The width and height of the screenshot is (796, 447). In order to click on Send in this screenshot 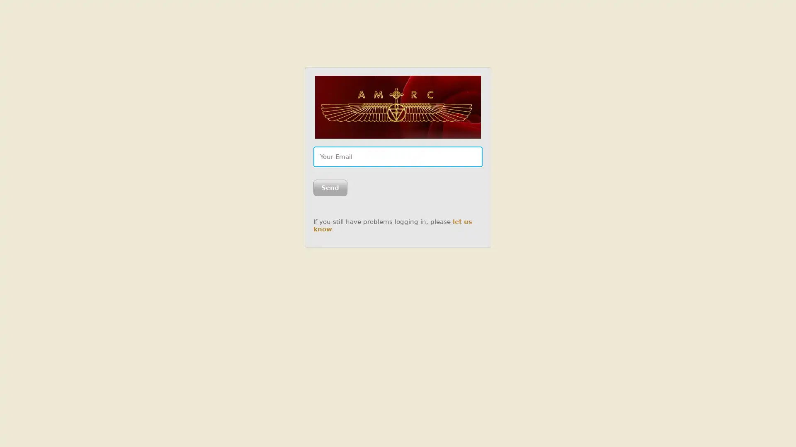, I will do `click(330, 188)`.